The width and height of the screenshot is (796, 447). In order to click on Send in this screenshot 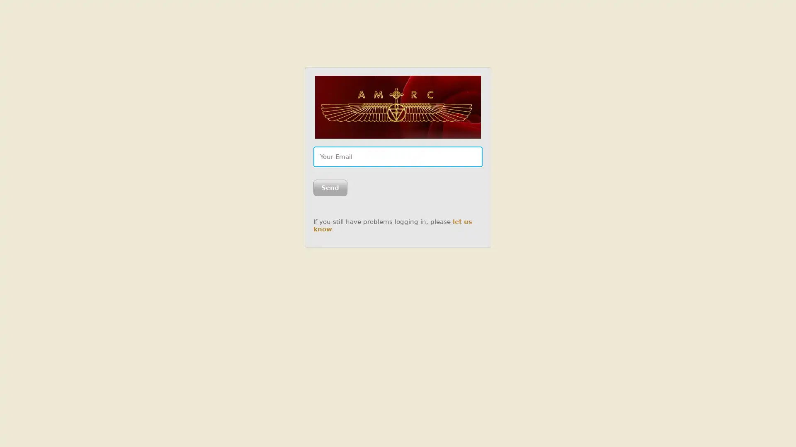, I will do `click(330, 188)`.